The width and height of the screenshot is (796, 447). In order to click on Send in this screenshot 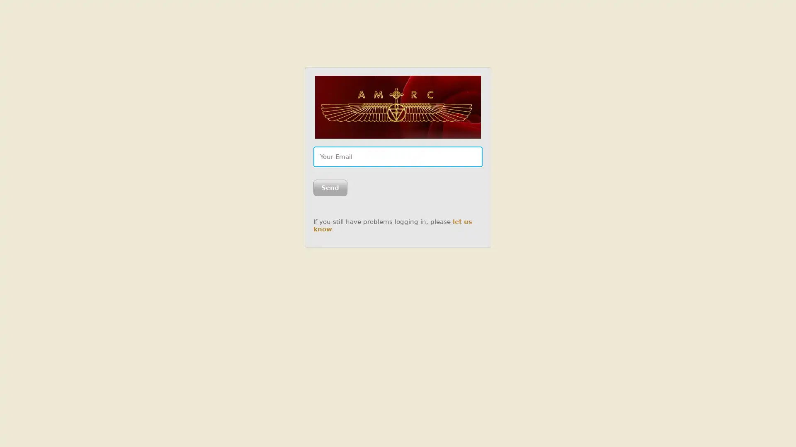, I will do `click(330, 188)`.